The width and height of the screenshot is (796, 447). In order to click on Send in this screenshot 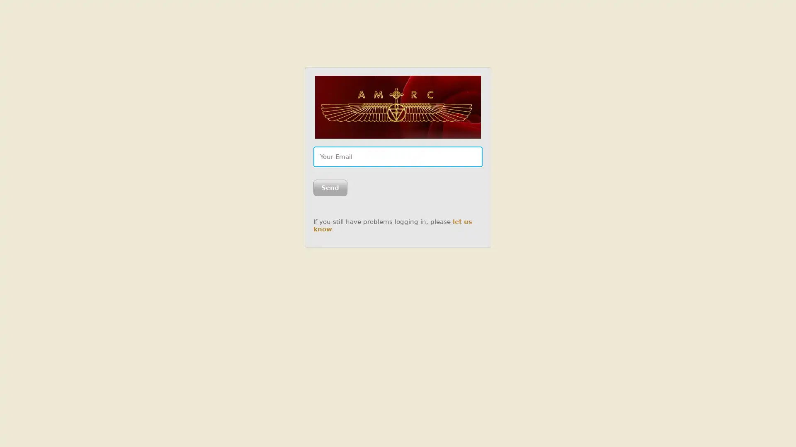, I will do `click(330, 188)`.